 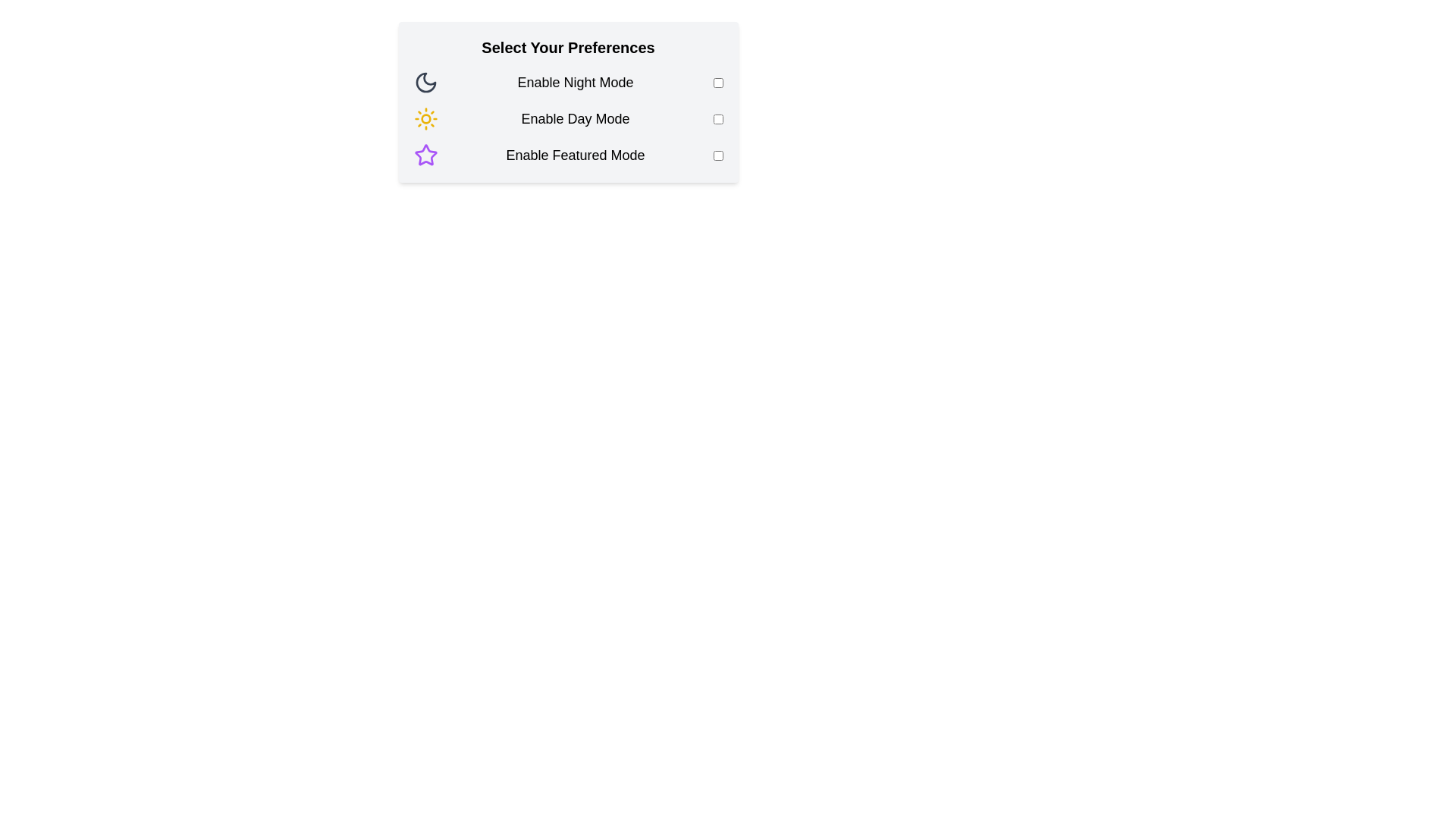 I want to click on text label that says 'Enable Night Mode', which is prominently styled and located in the first row of settings options, aligned with a moon icon and a checkbox, so click(x=574, y=82).